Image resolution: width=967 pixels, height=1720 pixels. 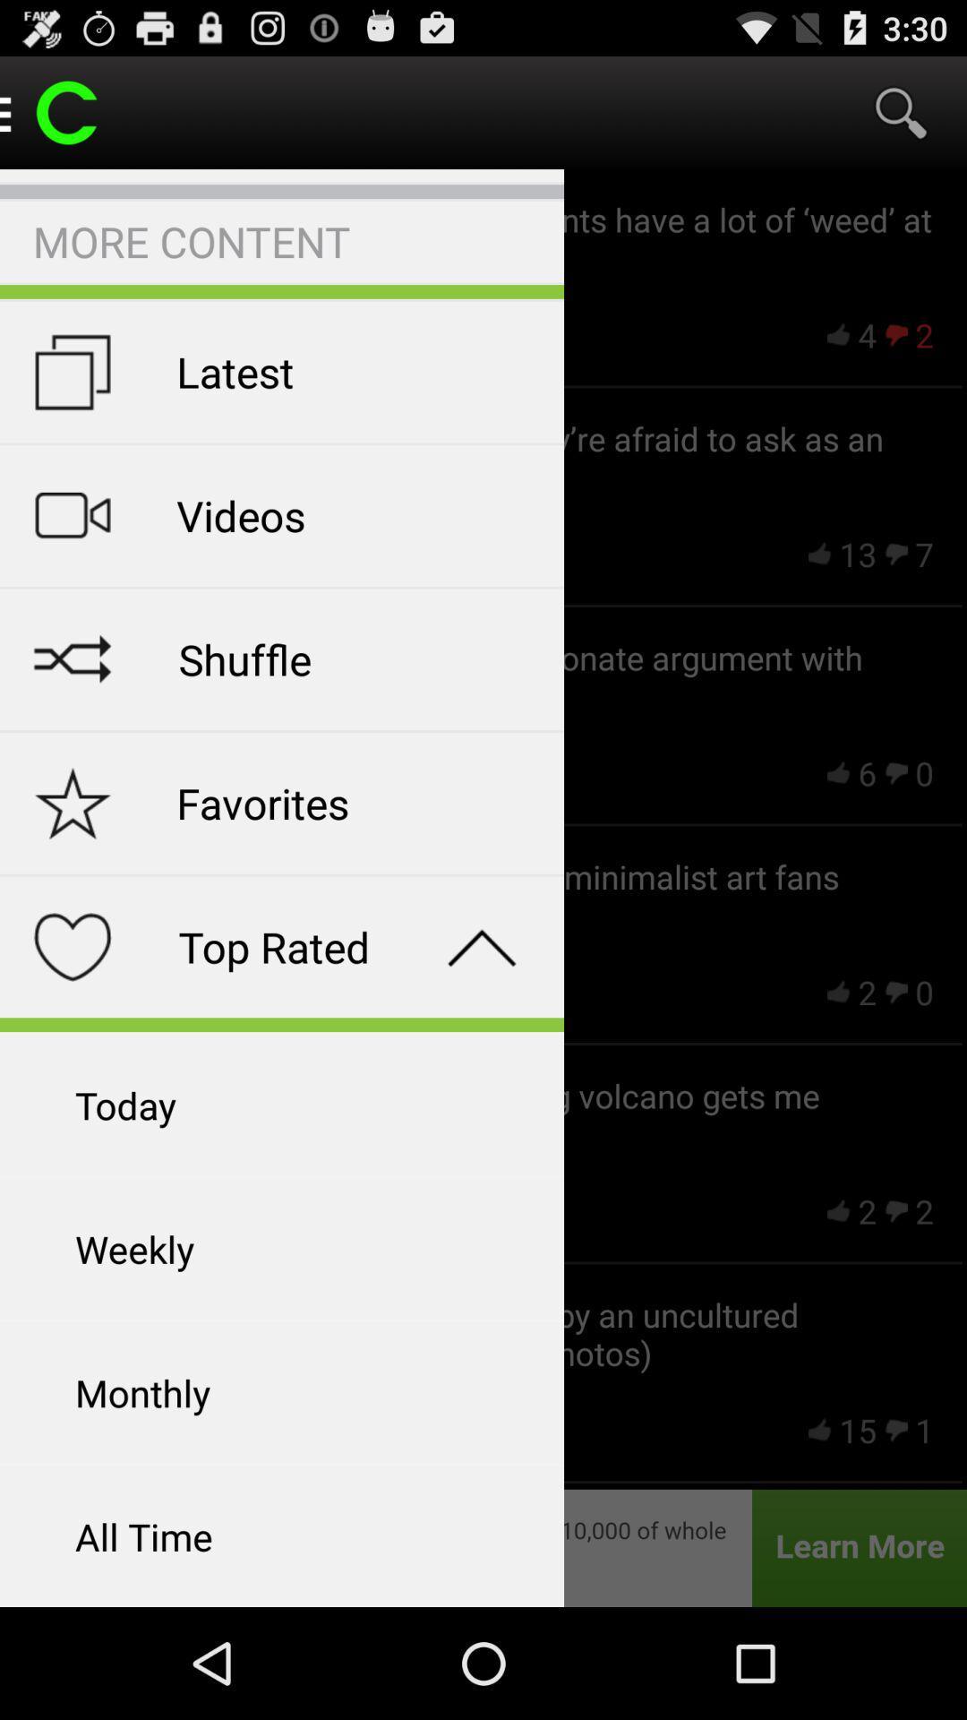 I want to click on the like button which is infront of the number 13, so click(x=819, y=553).